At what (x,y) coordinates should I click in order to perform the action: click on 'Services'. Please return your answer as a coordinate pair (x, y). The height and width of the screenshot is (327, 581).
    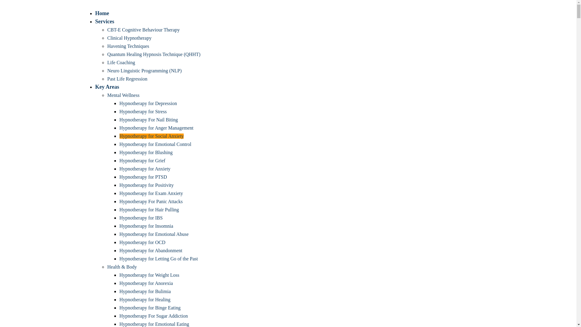
    Looking at the image, I should click on (104, 21).